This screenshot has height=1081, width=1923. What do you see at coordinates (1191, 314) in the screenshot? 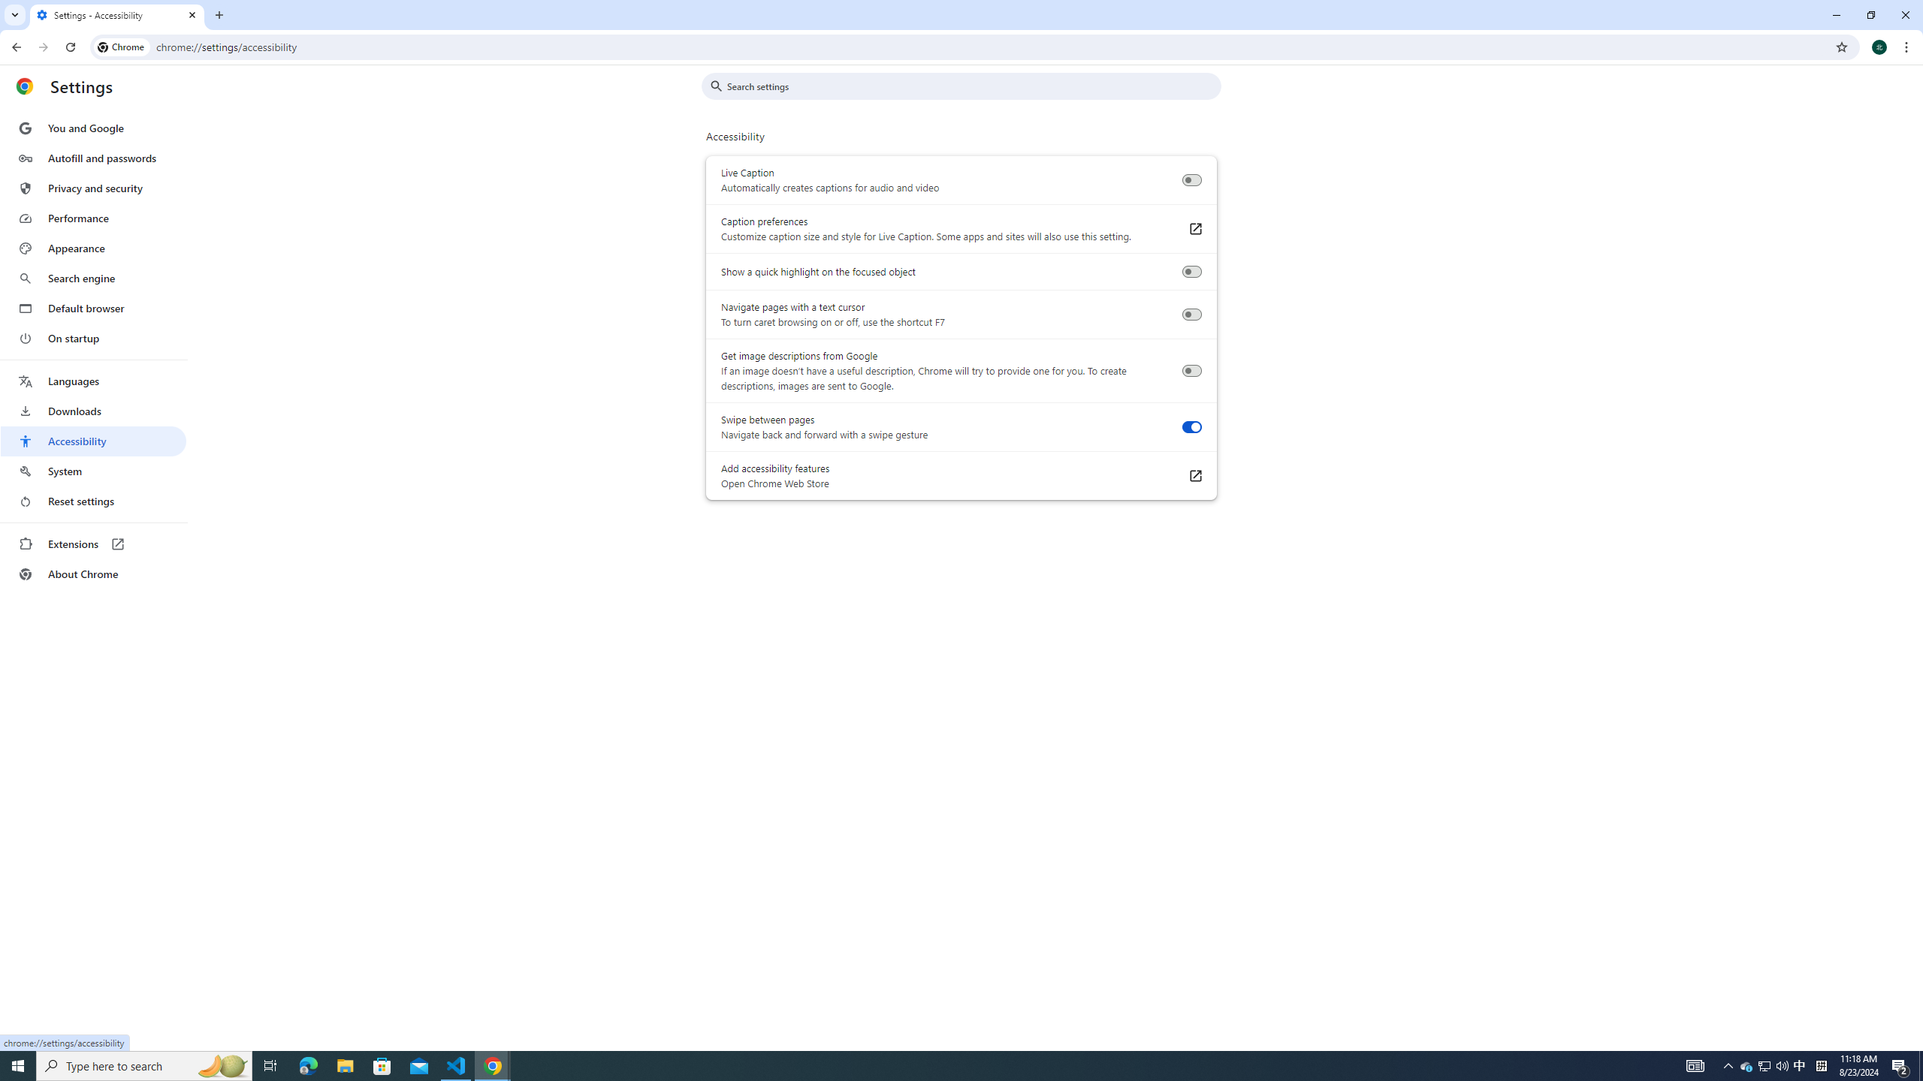
I see `'Navigate pages with a text cursor'` at bounding box center [1191, 314].